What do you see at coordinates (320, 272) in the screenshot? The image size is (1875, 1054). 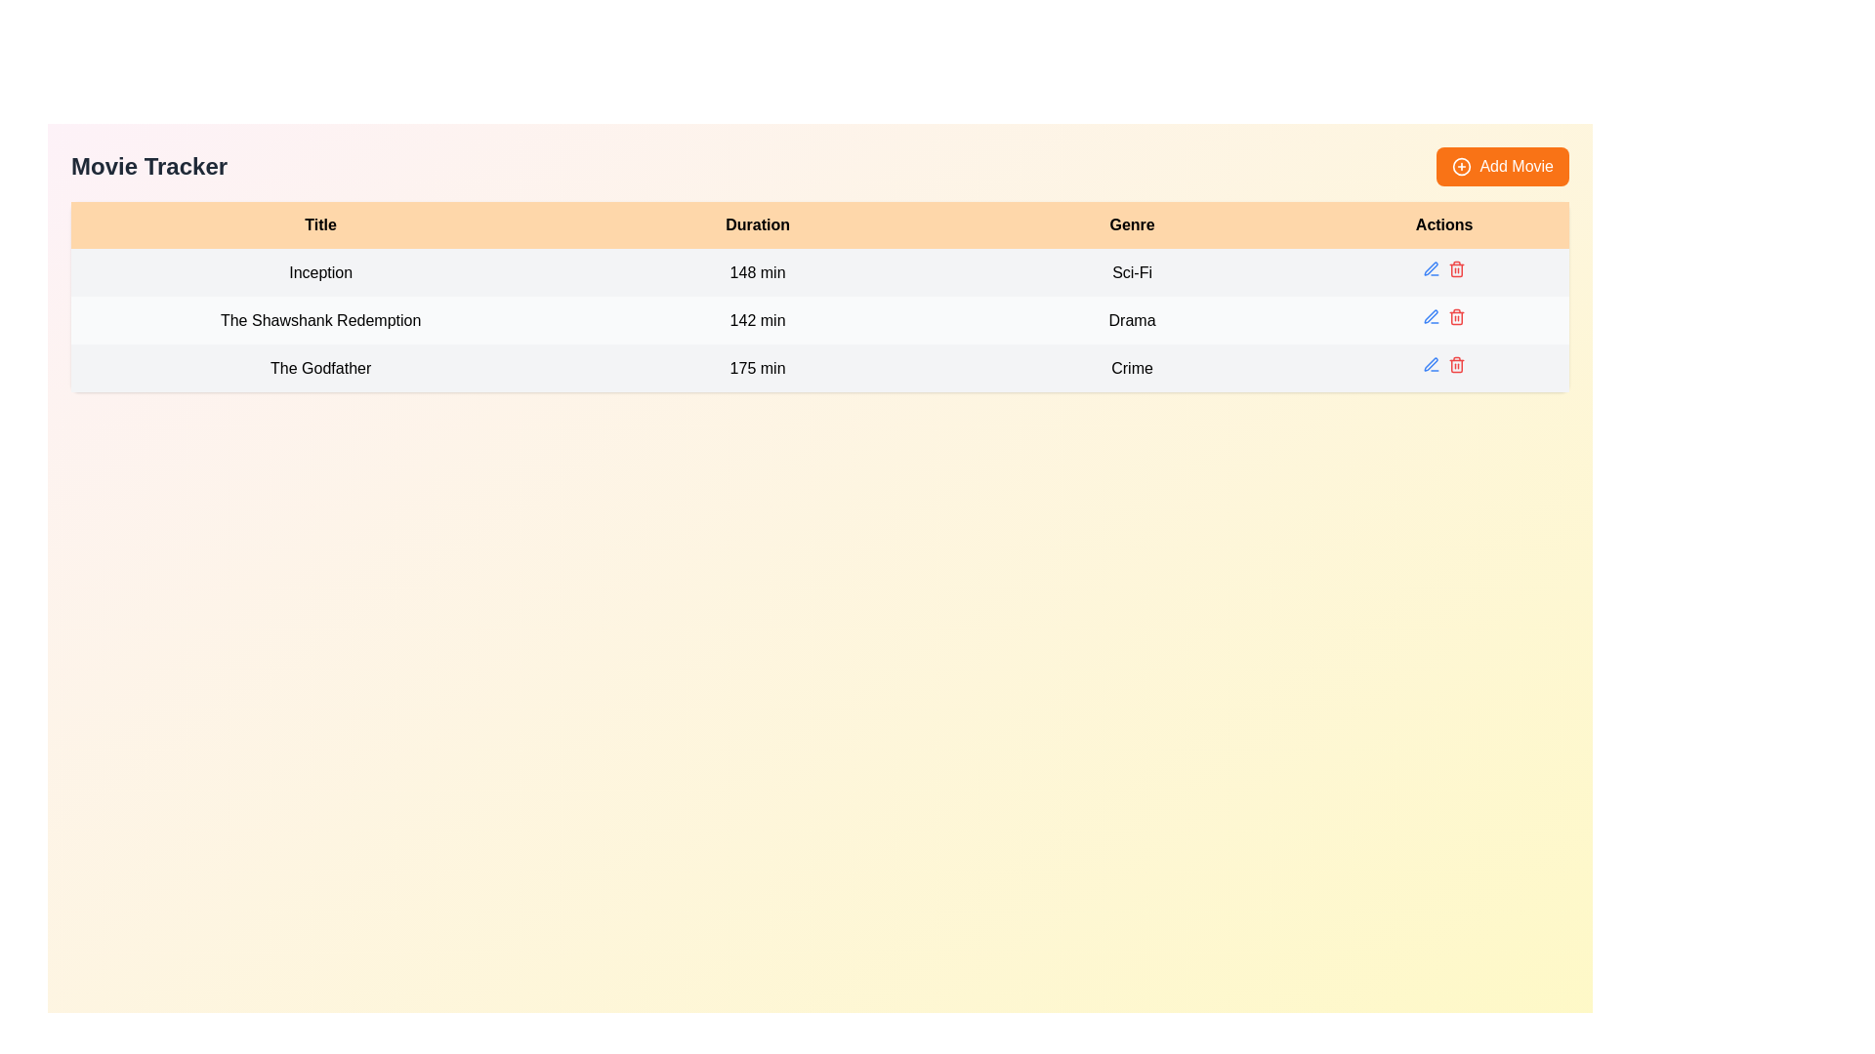 I see `the static text label that represents the title of a movie, located in the 'Title' column of the movie tracker table, directly above the '148 min' entry` at bounding box center [320, 272].